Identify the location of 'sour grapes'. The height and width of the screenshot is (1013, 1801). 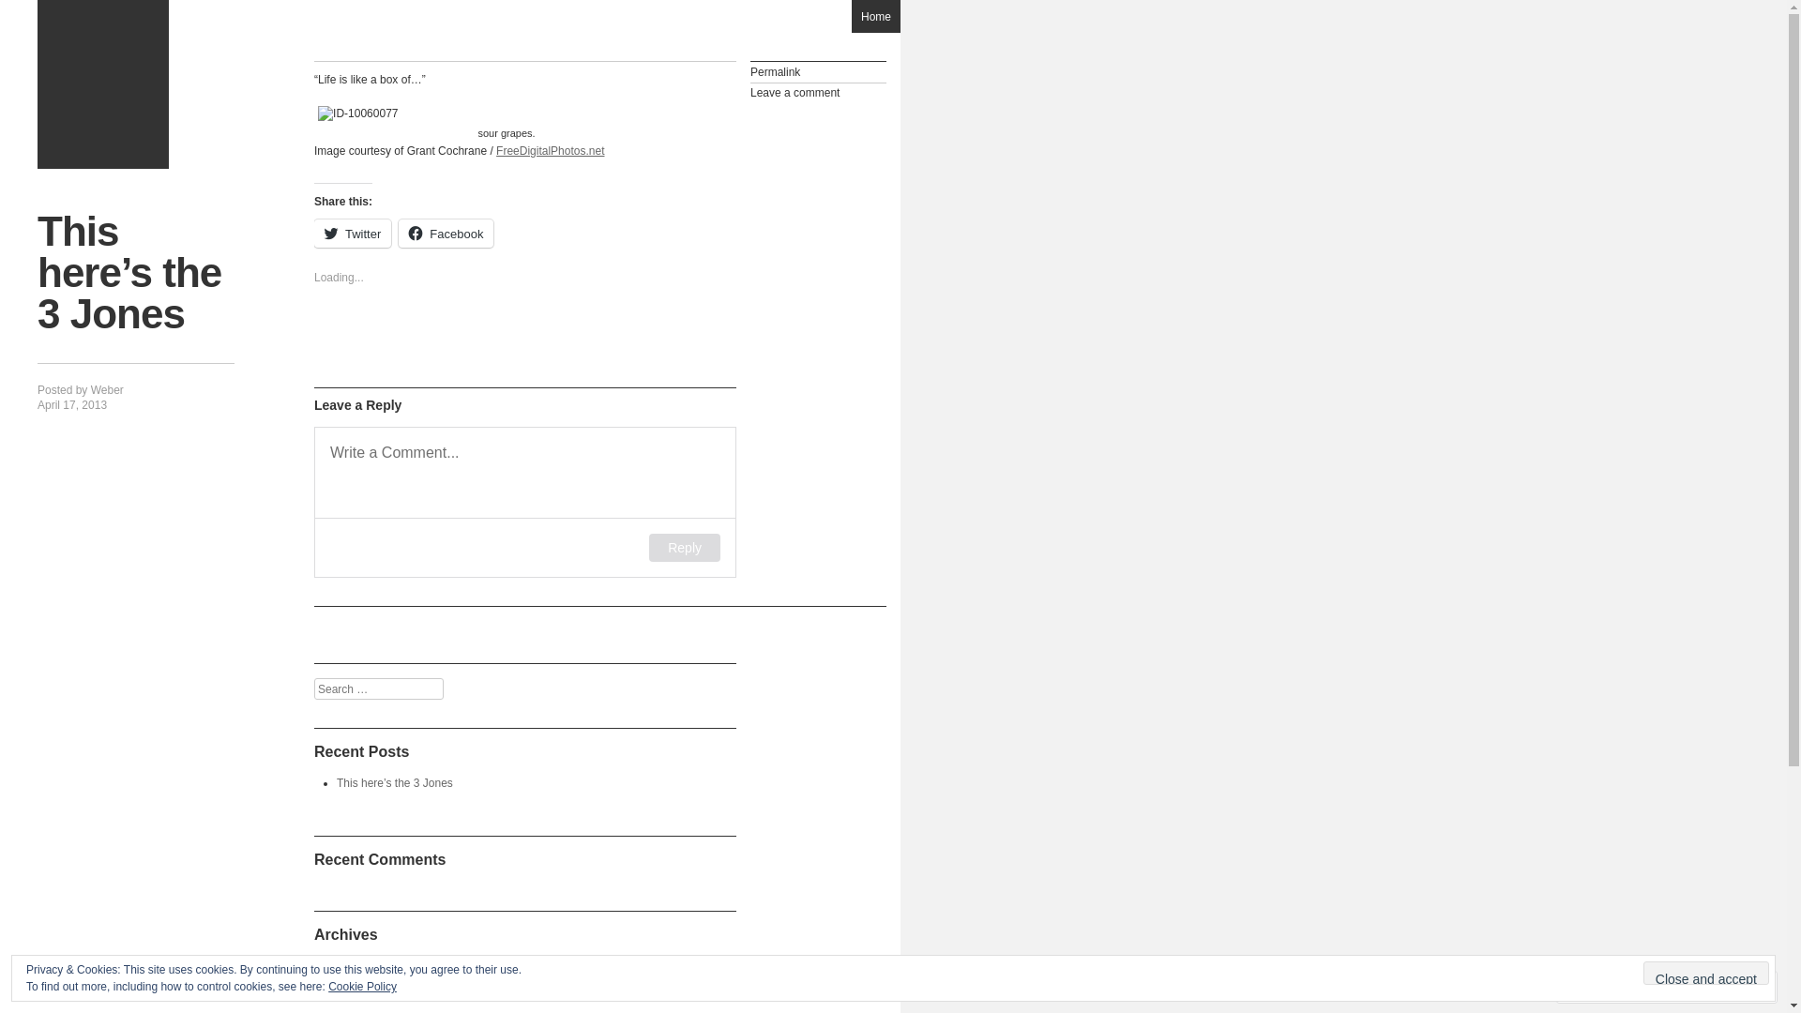
(506, 113).